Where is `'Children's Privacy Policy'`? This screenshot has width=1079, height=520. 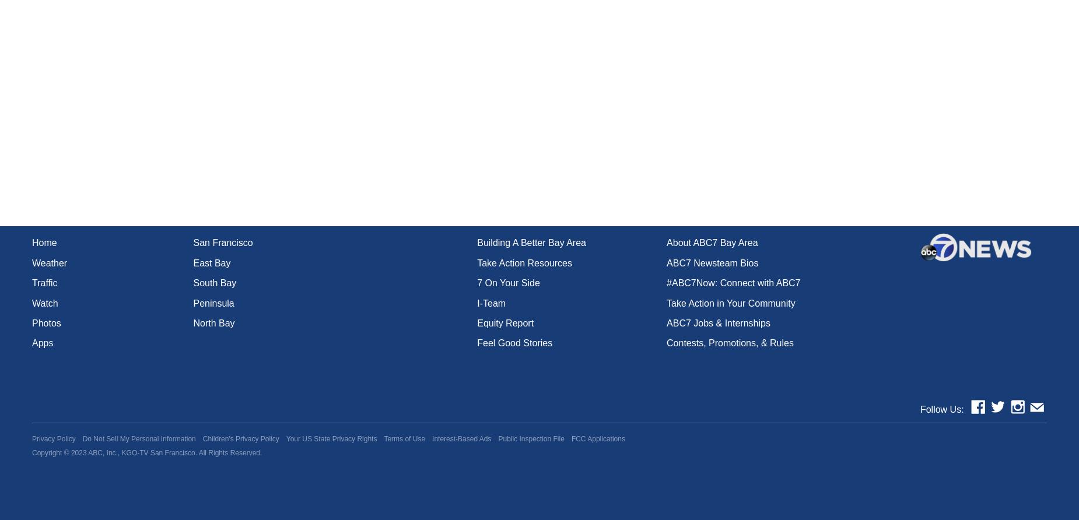
'Children's Privacy Policy' is located at coordinates (240, 439).